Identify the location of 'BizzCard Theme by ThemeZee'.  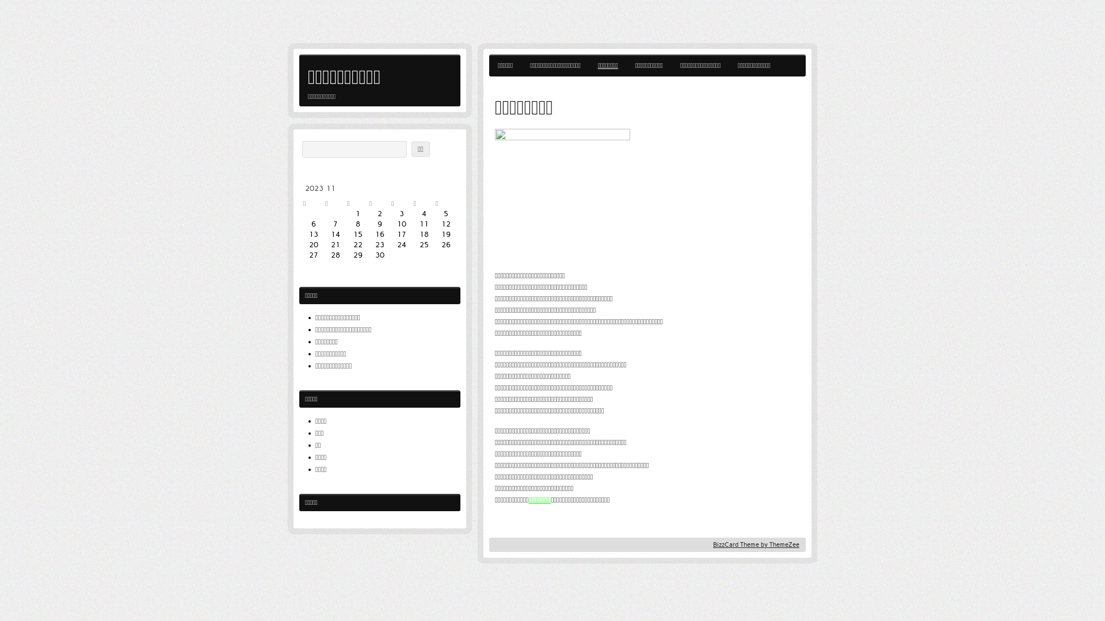
(756, 544).